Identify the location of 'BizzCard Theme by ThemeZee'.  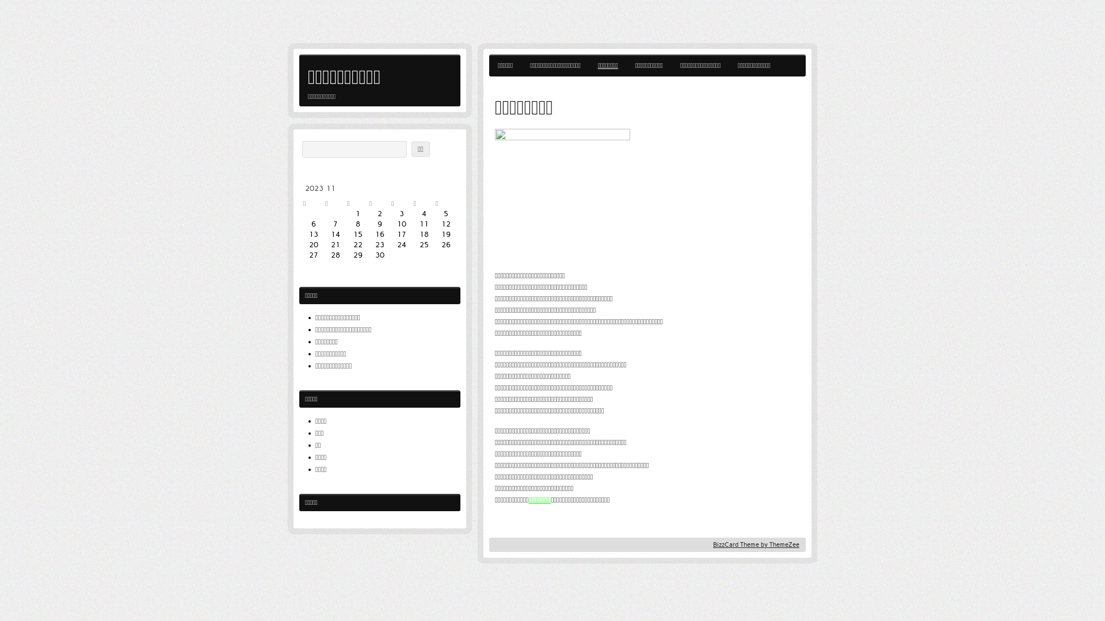
(756, 544).